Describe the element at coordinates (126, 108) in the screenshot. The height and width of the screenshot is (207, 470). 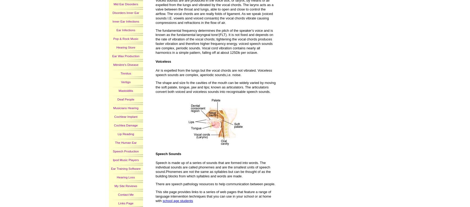
I see `'Musicians Hearing'` at that location.